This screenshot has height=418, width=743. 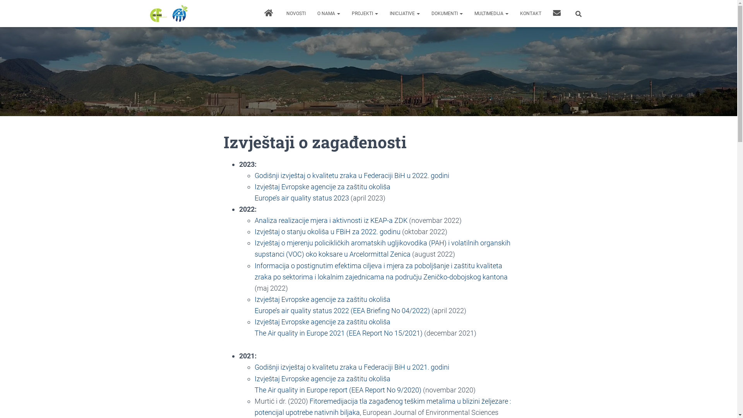 What do you see at coordinates (447, 13) in the screenshot?
I see `'DOKUMENTI'` at bounding box center [447, 13].